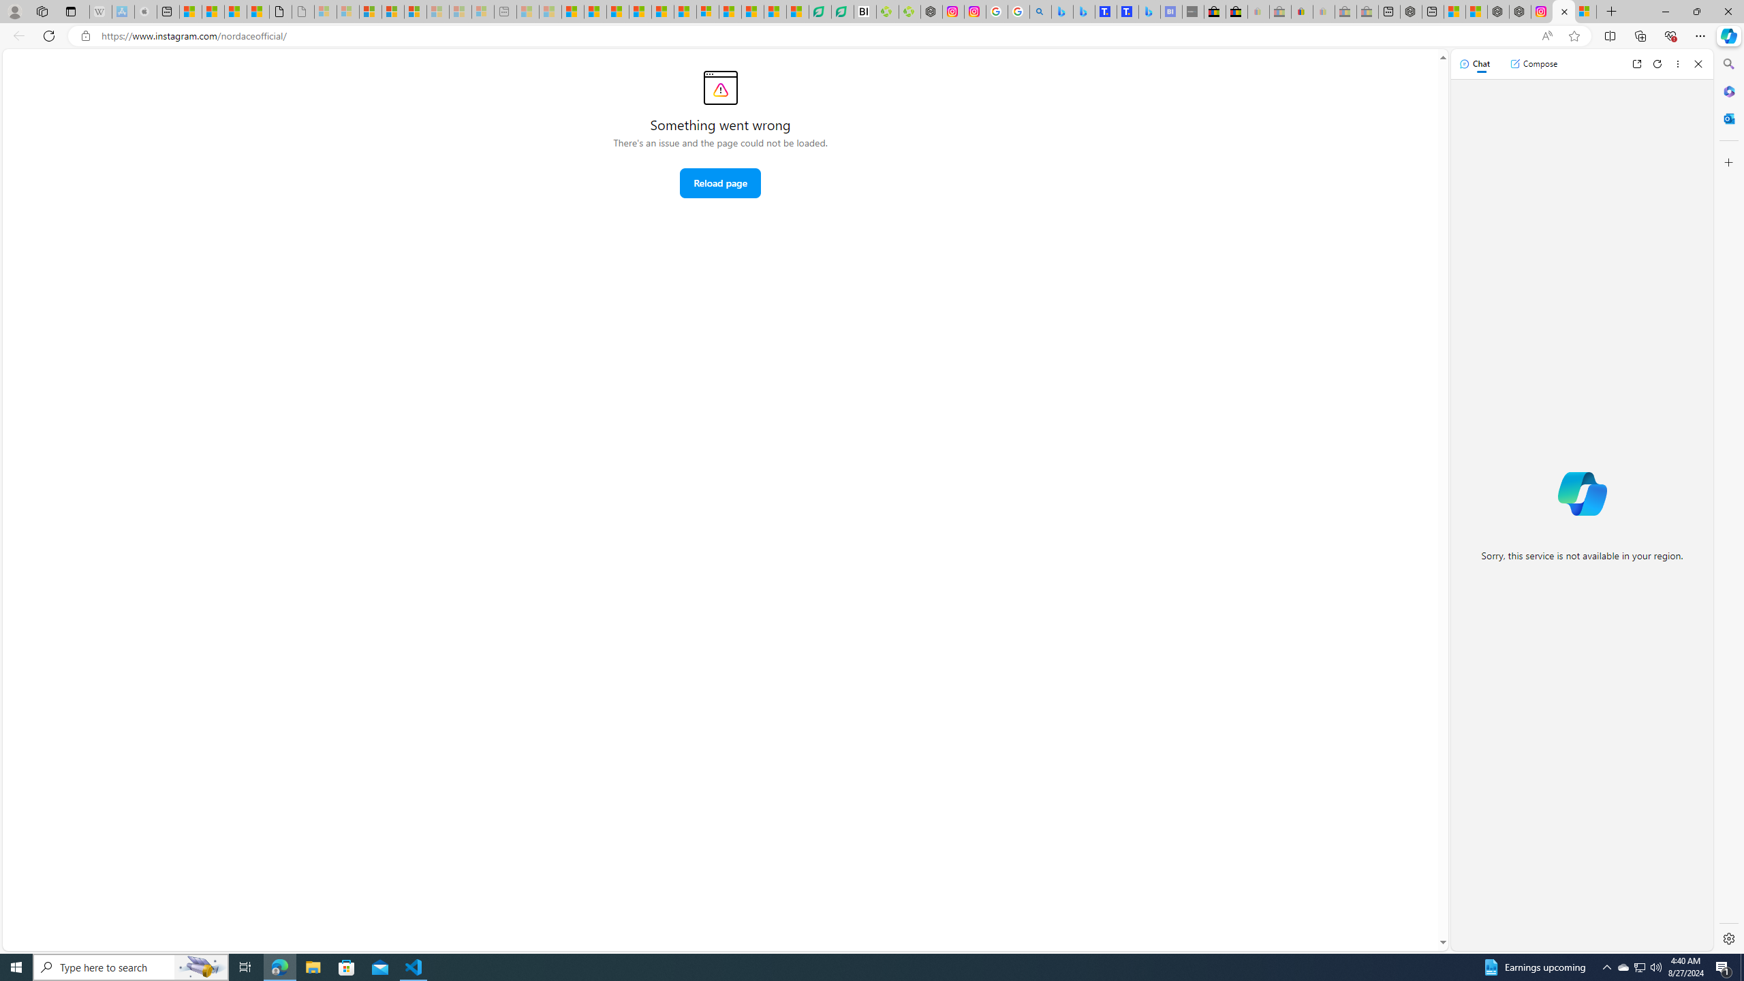  What do you see at coordinates (1367, 11) in the screenshot?
I see `'Yard, Garden & Outdoor Living - Sleeping'` at bounding box center [1367, 11].